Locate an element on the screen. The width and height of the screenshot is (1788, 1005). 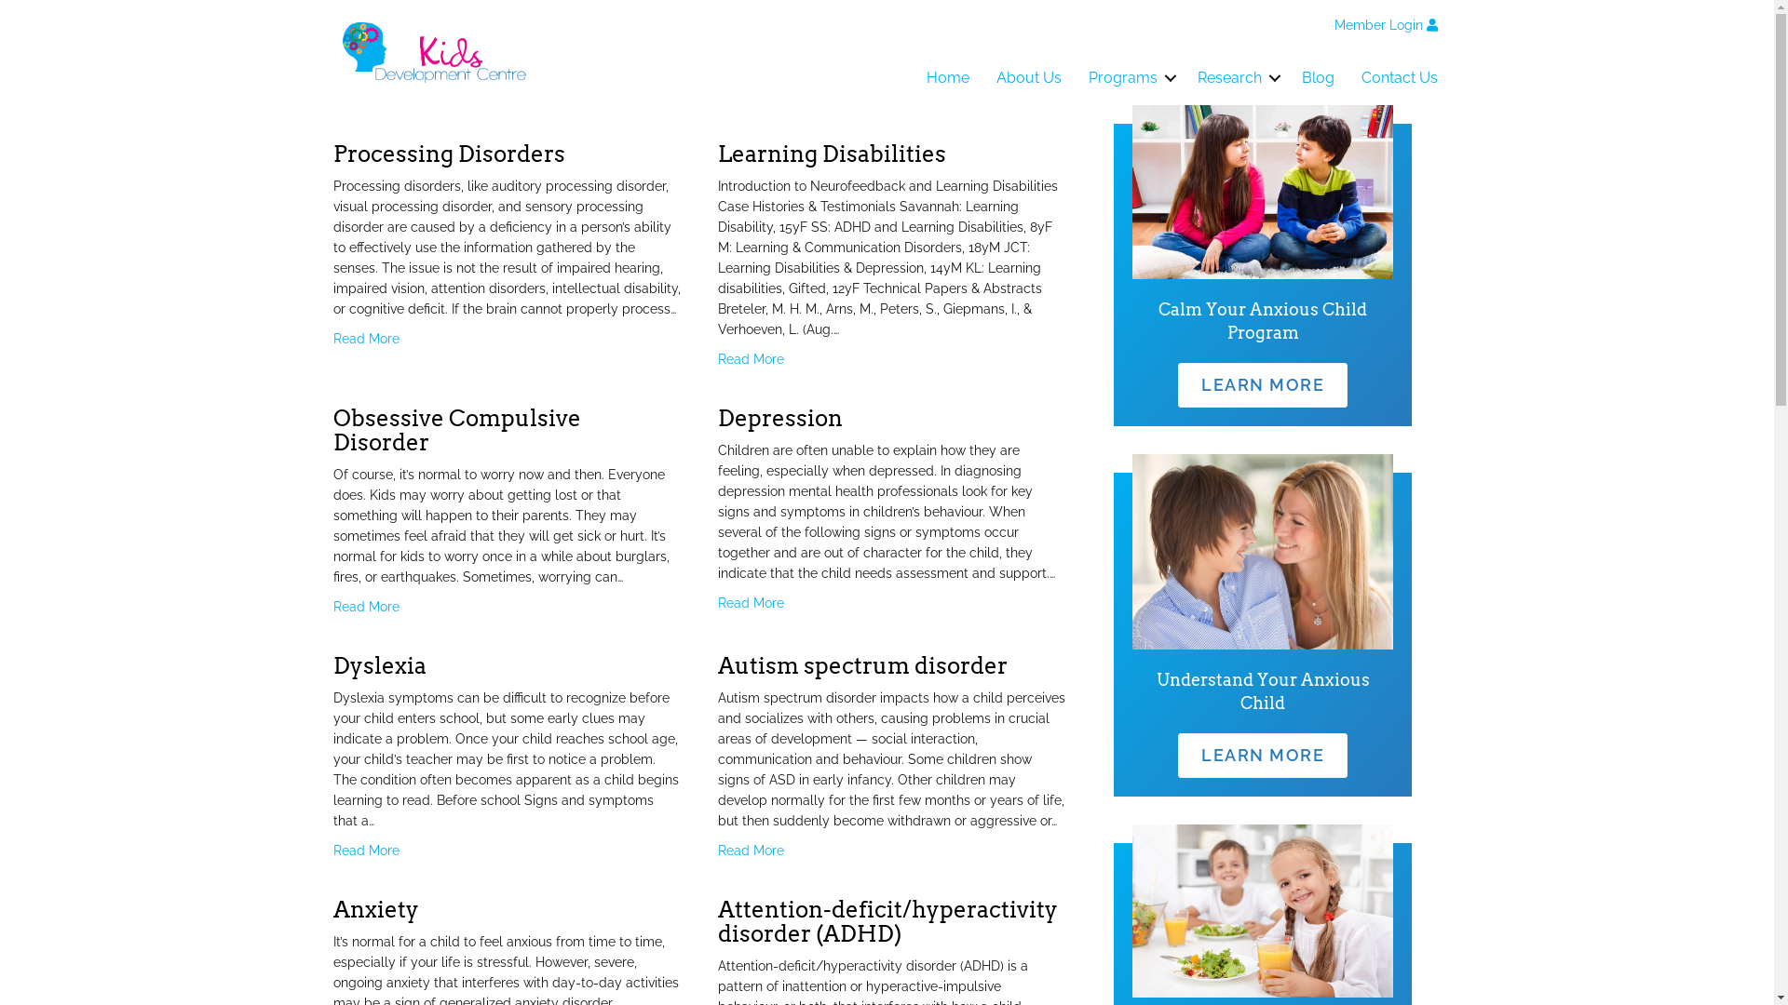
'Understand Your Anxious Child' is located at coordinates (1263, 691).